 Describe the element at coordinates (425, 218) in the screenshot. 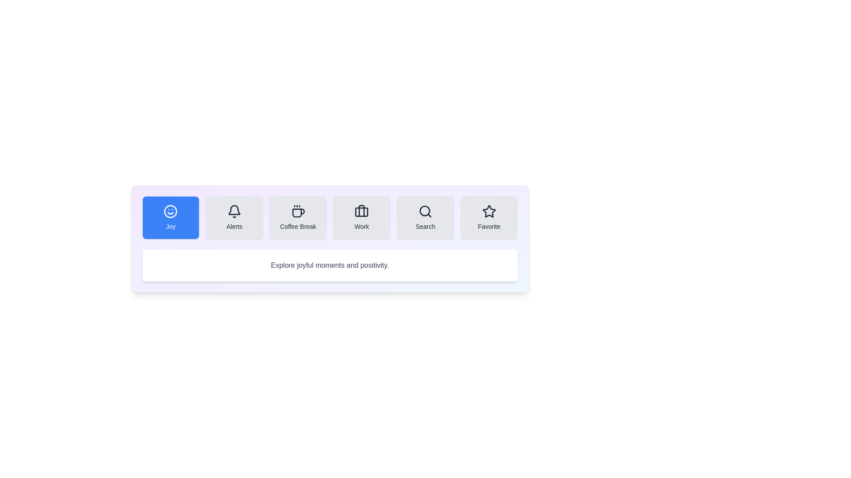

I see `the Search tab to switch its content` at that location.